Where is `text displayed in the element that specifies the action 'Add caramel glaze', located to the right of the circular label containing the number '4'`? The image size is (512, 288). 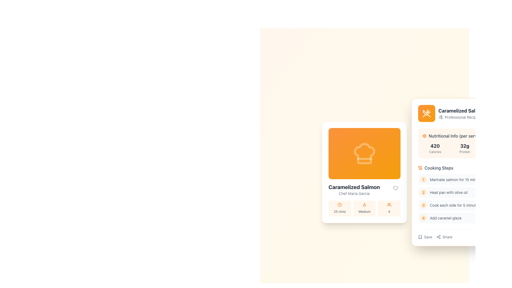 text displayed in the element that specifies the action 'Add caramel glaze', located to the right of the circular label containing the number '4' is located at coordinates (446, 218).